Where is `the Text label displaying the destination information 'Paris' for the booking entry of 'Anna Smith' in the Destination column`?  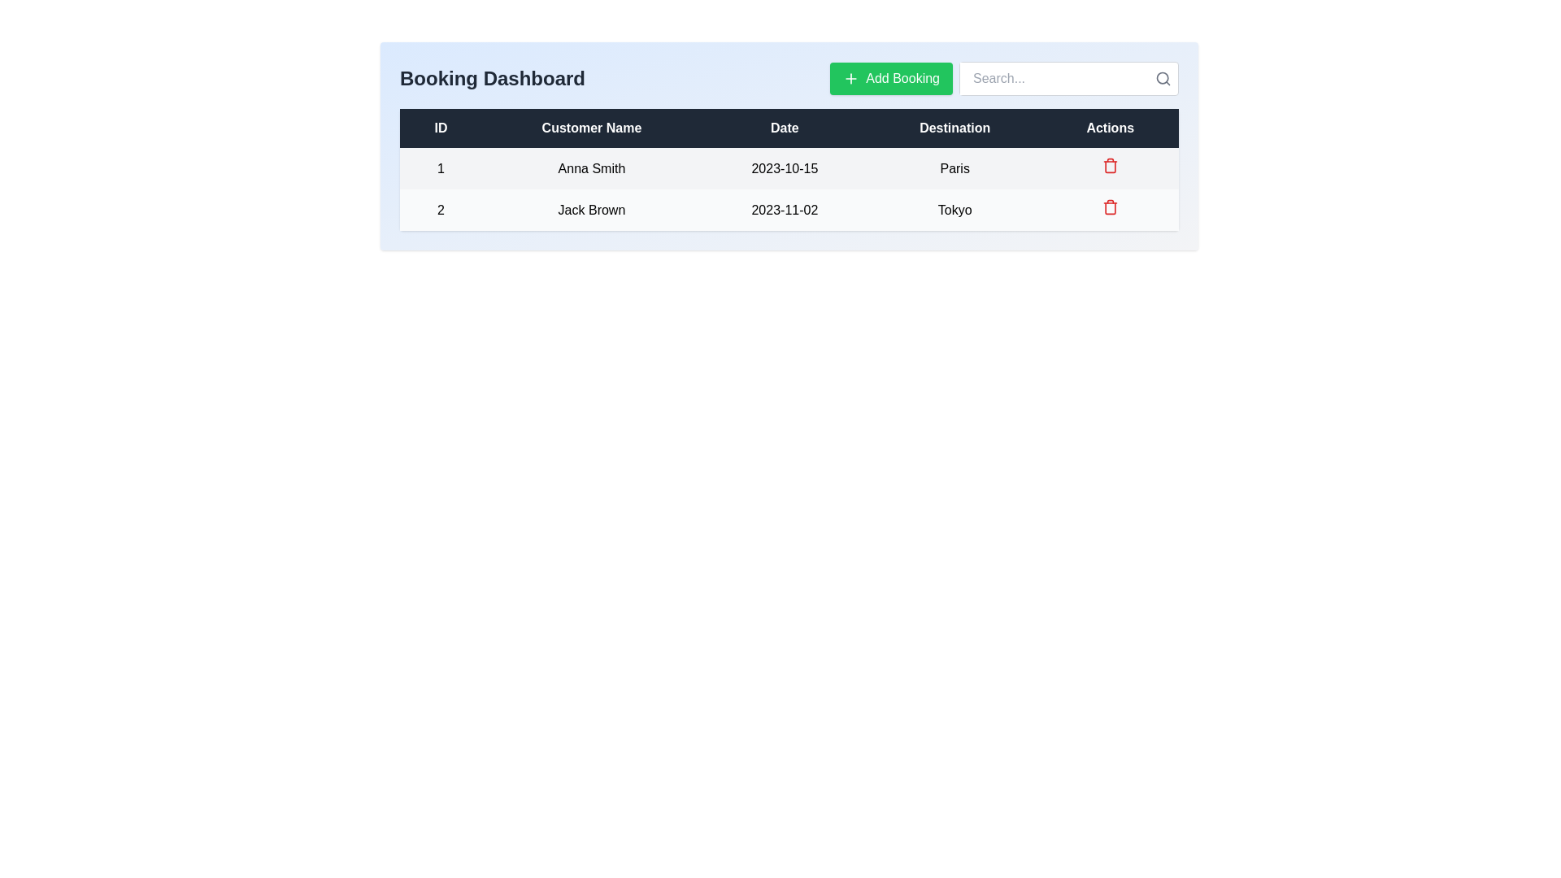 the Text label displaying the destination information 'Paris' for the booking entry of 'Anna Smith' in the Destination column is located at coordinates (954, 168).